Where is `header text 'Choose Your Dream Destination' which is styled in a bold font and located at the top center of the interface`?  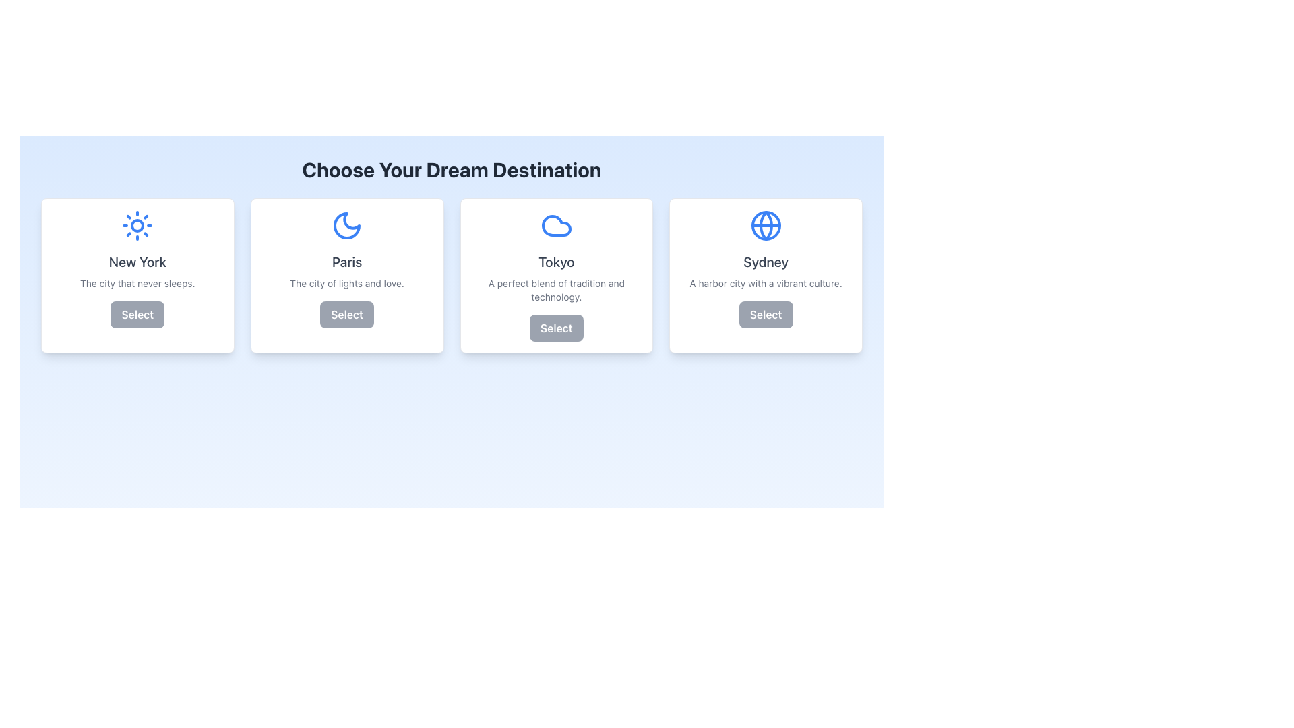
header text 'Choose Your Dream Destination' which is styled in a bold font and located at the top center of the interface is located at coordinates (452, 169).